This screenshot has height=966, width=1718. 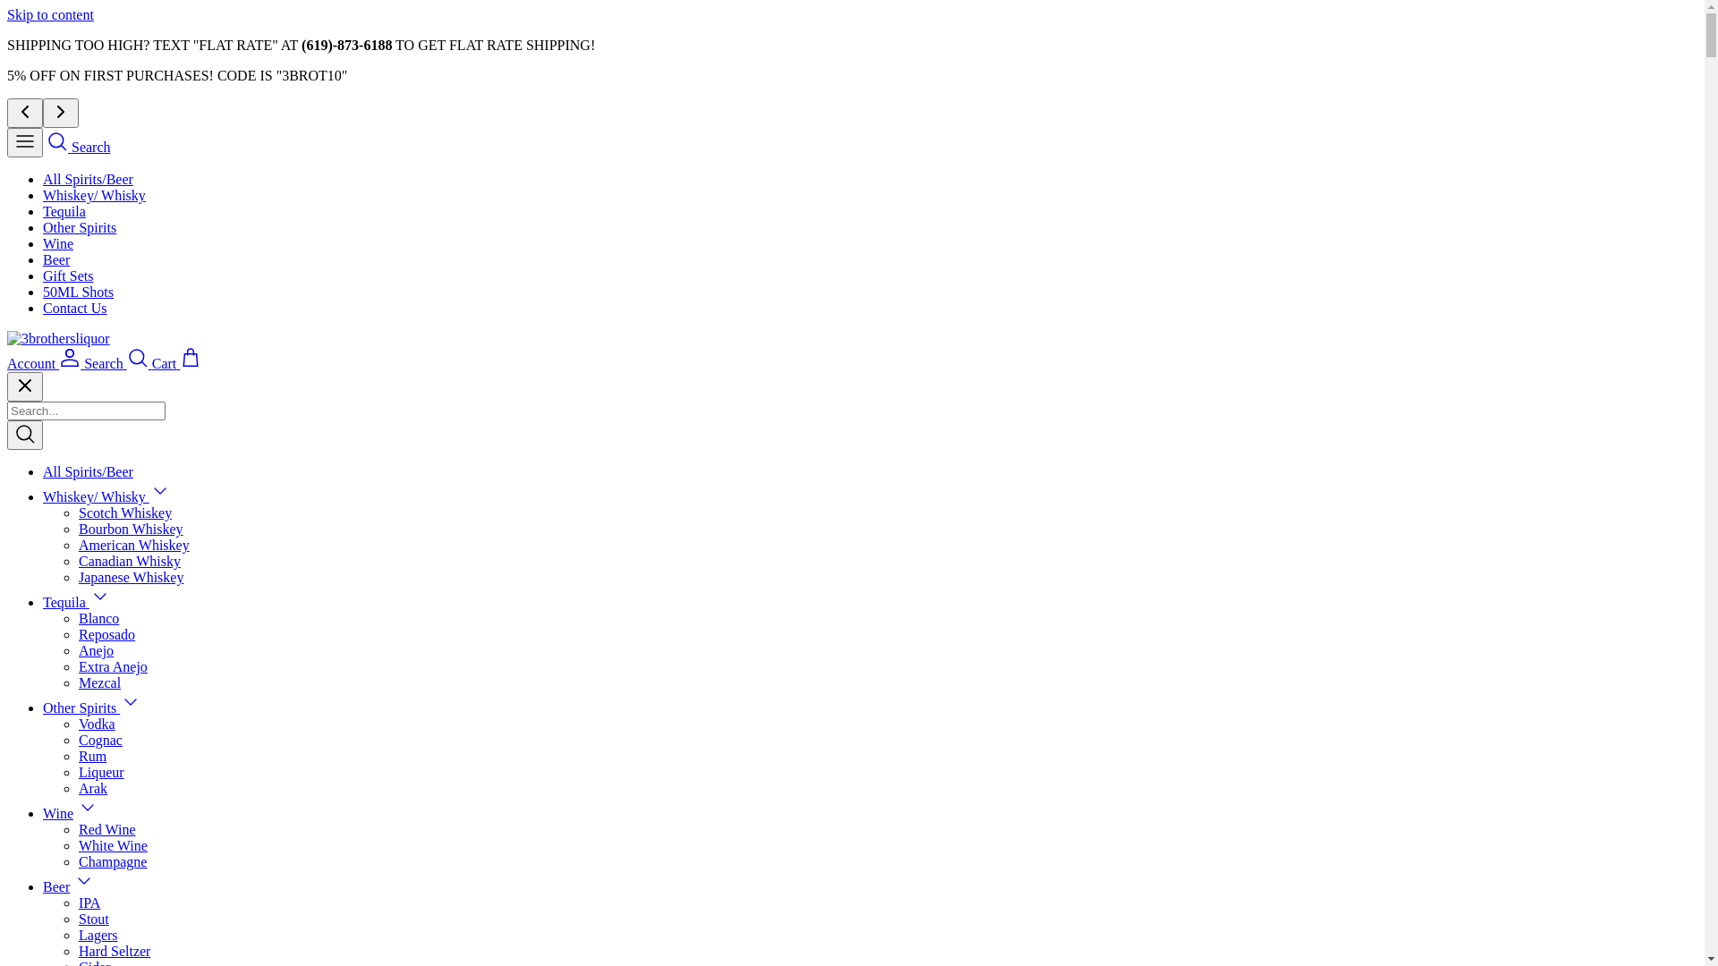 What do you see at coordinates (25, 113) in the screenshot?
I see `'Left'` at bounding box center [25, 113].